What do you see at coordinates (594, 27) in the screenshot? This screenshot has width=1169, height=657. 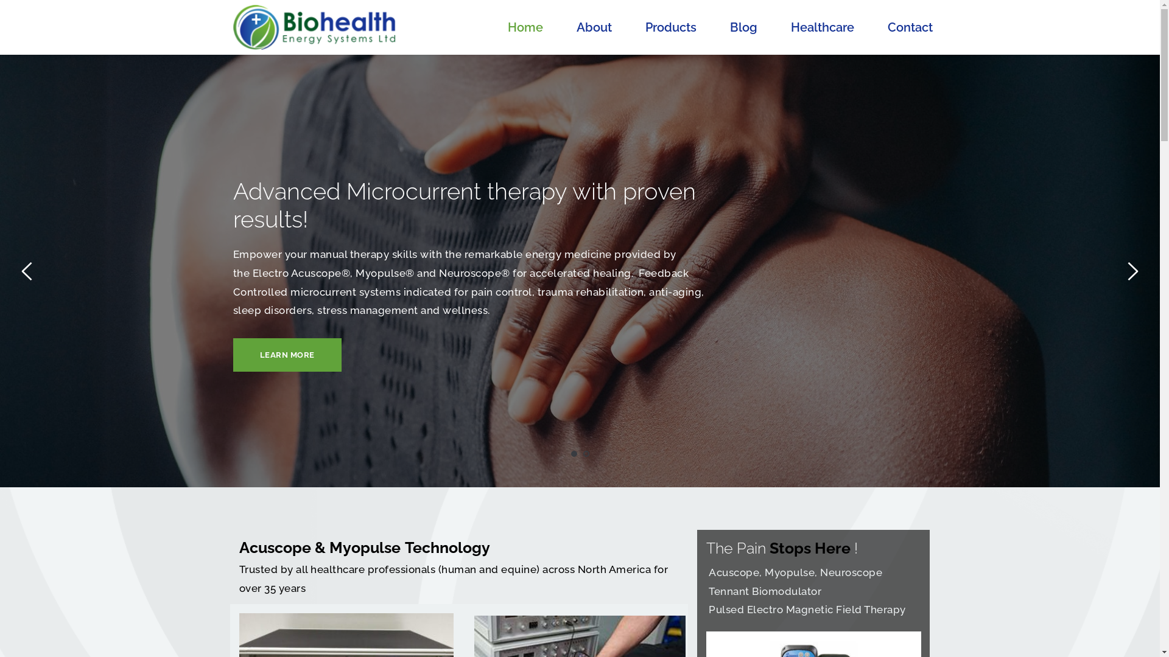 I see `'About'` at bounding box center [594, 27].